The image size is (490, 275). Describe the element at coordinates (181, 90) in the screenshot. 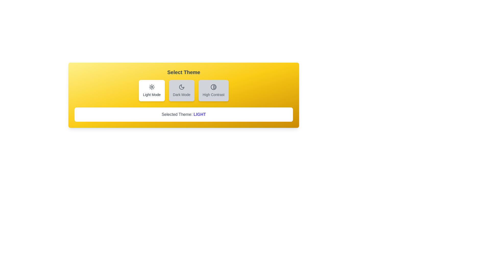

I see `the Dark Mode button to observe its hover animation` at that location.